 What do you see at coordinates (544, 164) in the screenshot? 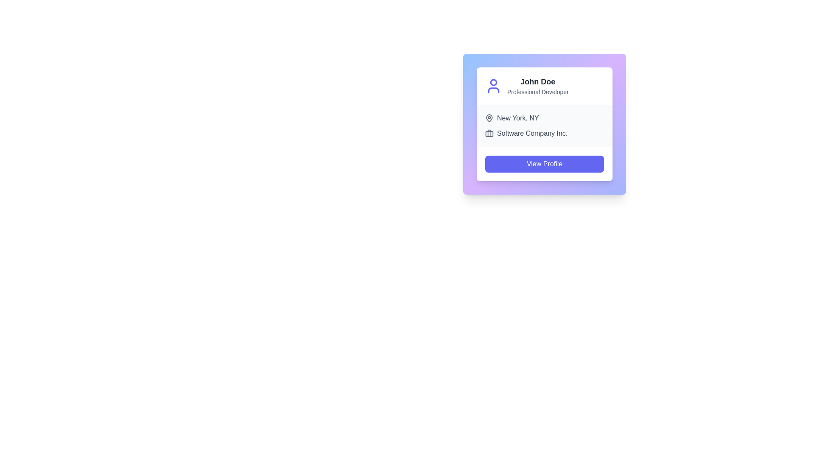
I see `the 'View Profile' button, a rectangular button with rounded corners and a purple background, located at the bottom center of the user profile card` at bounding box center [544, 164].